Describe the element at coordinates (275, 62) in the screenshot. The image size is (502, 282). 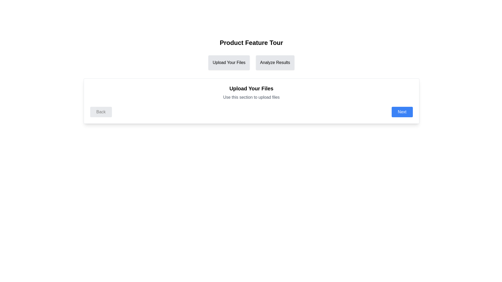
I see `the label that serves as an indicator for analyzing results, located to the right of the 'Upload Your Files' box and under the 'Product Feature Tour' title` at that location.